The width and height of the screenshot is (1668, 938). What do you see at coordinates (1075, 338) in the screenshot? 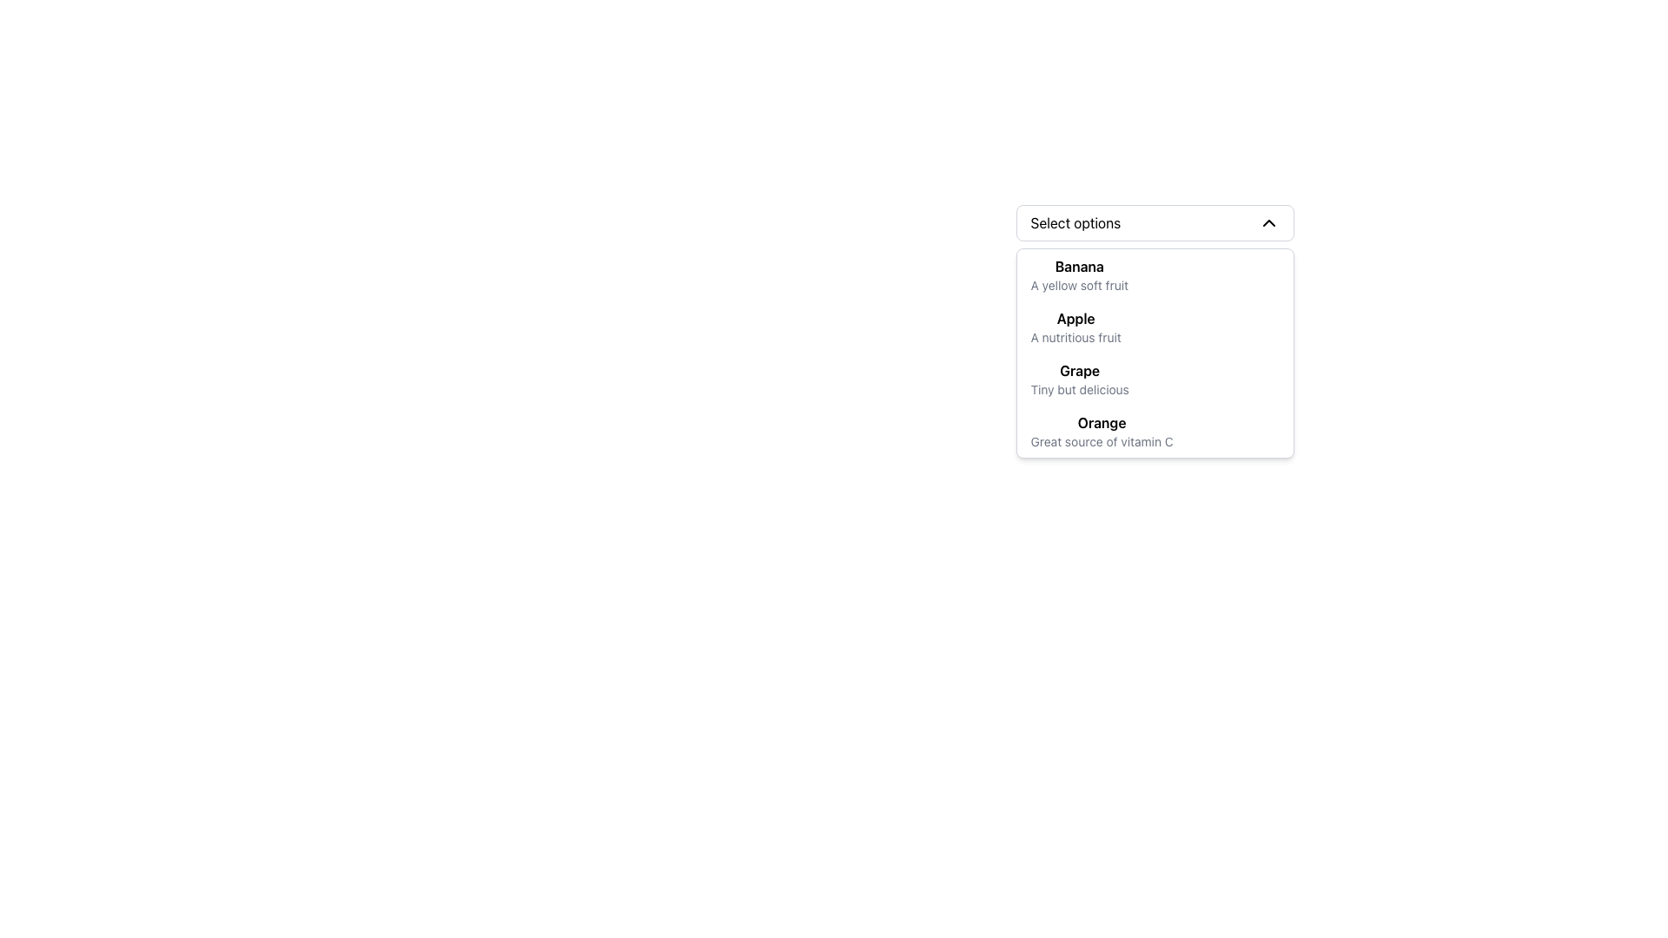
I see `the grey-colored text label 'A nutritious fruit' which is positioned beneath the bold 'Apple' text in the dropdown menu` at bounding box center [1075, 338].